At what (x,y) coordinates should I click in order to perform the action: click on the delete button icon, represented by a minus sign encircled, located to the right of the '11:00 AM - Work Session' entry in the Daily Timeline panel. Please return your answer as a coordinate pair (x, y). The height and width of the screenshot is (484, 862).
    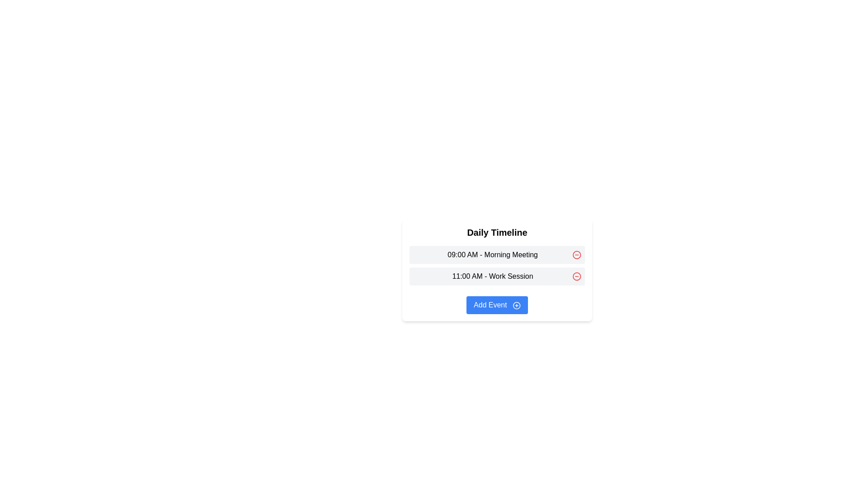
    Looking at the image, I should click on (577, 276).